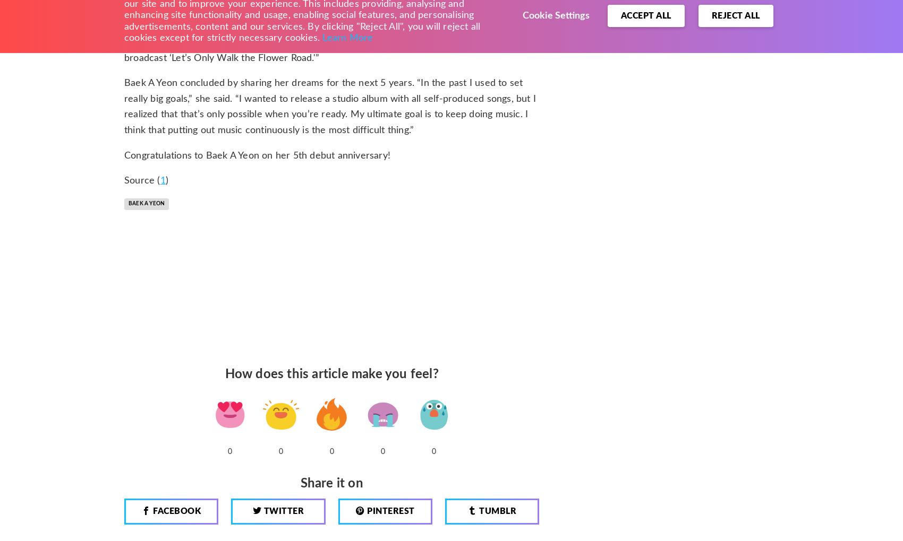  What do you see at coordinates (166, 180) in the screenshot?
I see `')'` at bounding box center [166, 180].